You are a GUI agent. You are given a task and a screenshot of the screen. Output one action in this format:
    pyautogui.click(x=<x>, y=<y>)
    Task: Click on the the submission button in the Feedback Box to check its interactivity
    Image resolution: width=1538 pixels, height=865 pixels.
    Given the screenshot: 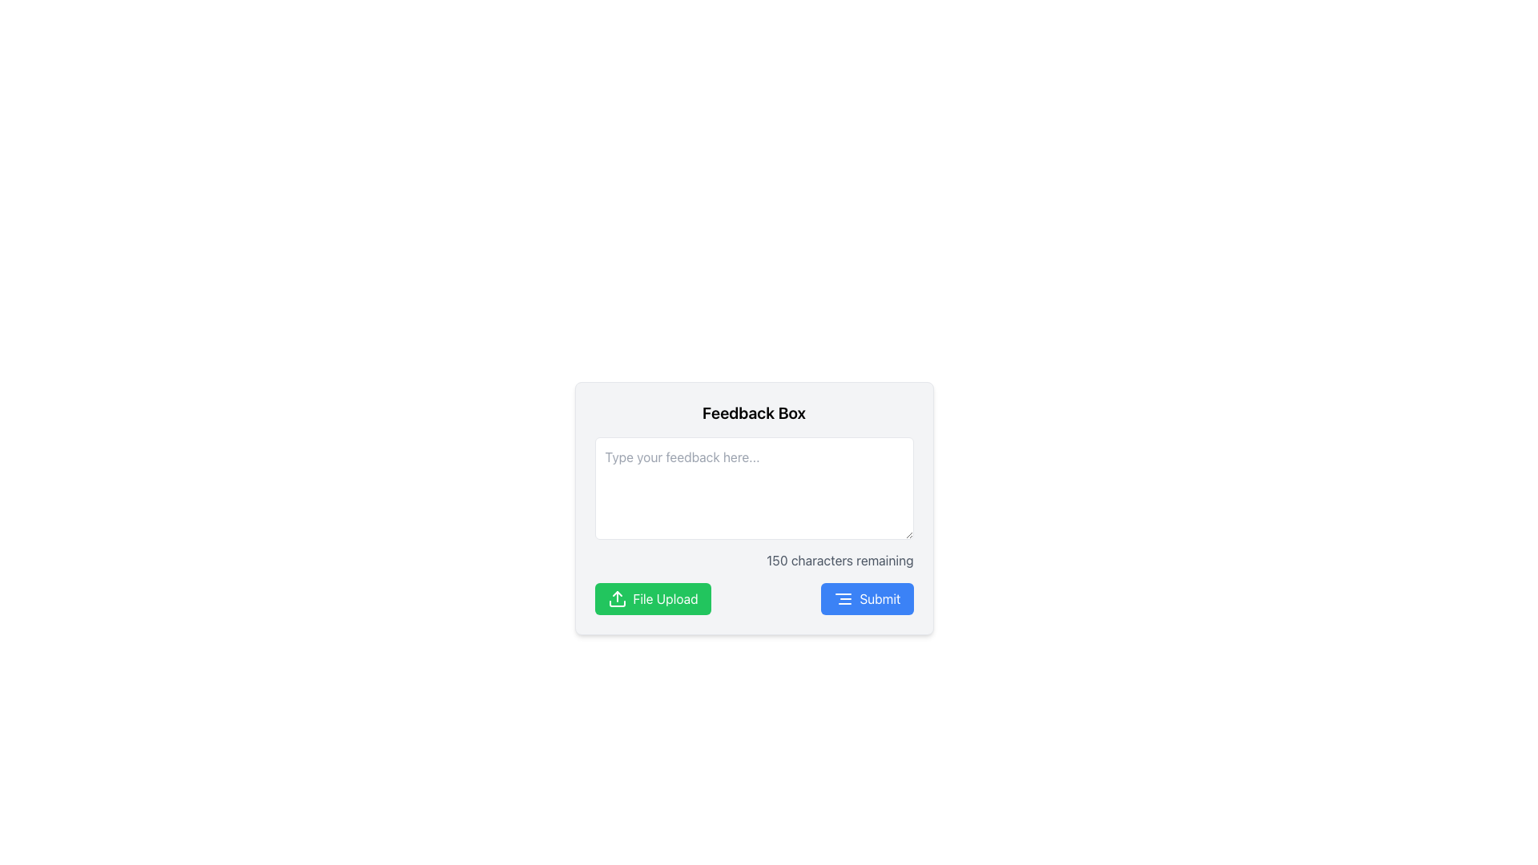 What is the action you would take?
    pyautogui.click(x=866, y=599)
    